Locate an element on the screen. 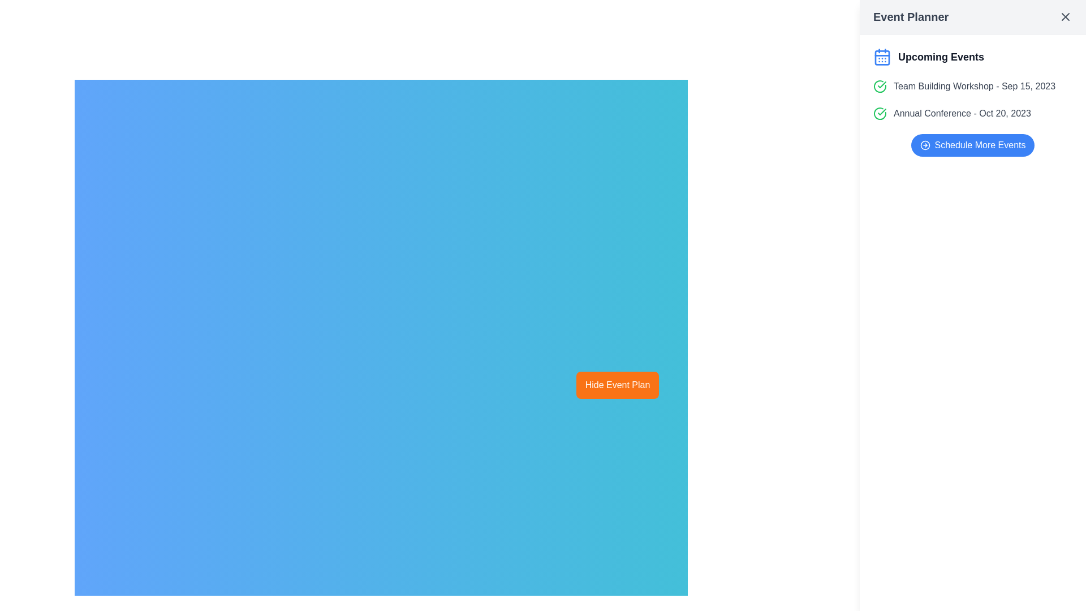 This screenshot has width=1086, height=611. the descriptive text label displaying 'Team Building Workshop - Sep 15, 2023', which is styled with a gray font and located in the Upcoming Events list in the Event Planner sidebar is located at coordinates (974, 86).